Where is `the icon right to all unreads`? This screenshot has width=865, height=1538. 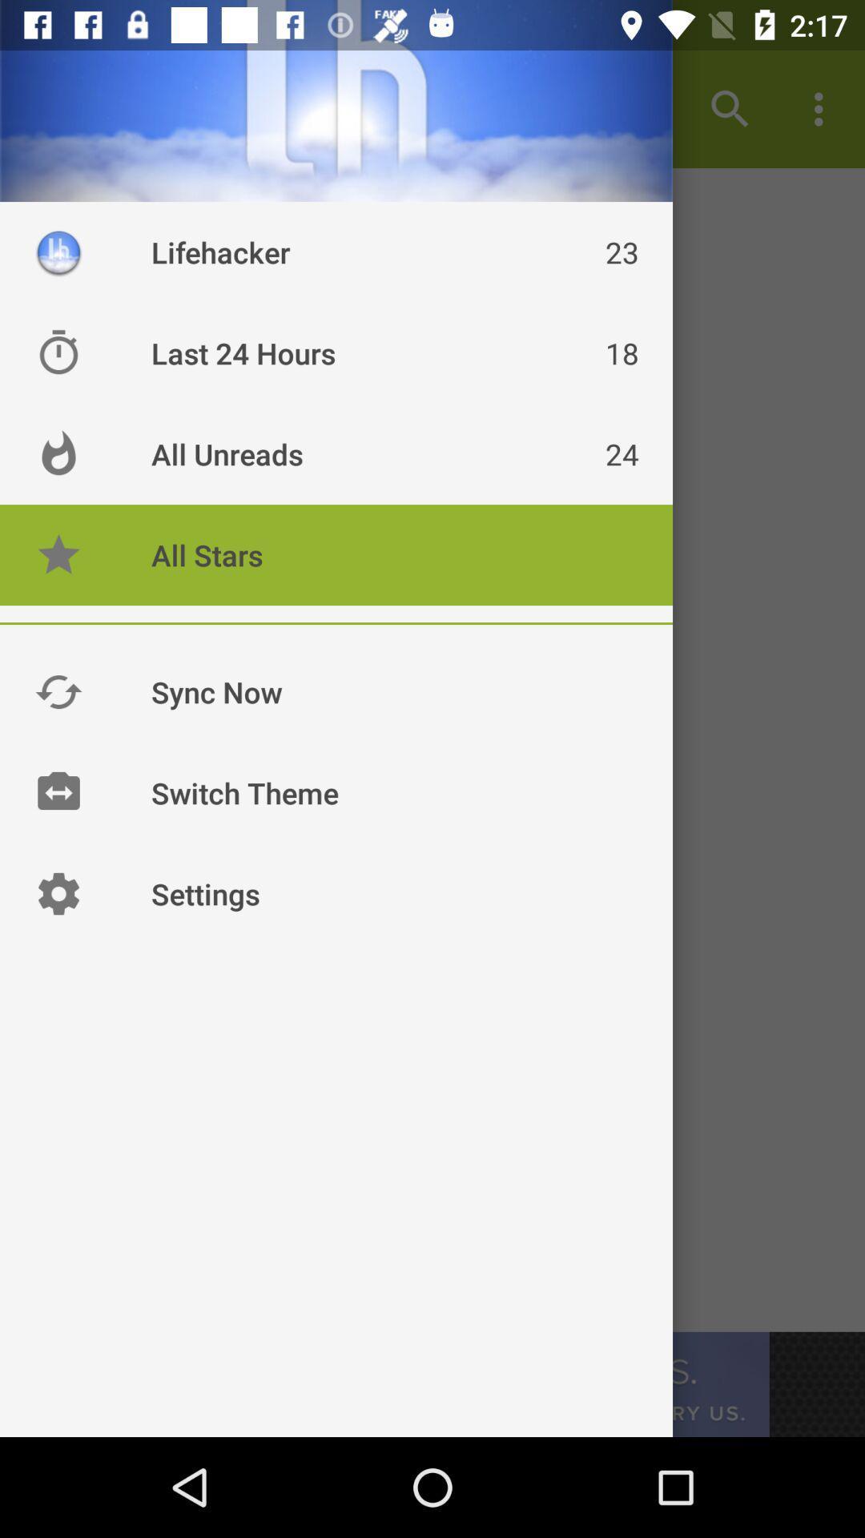 the icon right to all unreads is located at coordinates (58, 453).